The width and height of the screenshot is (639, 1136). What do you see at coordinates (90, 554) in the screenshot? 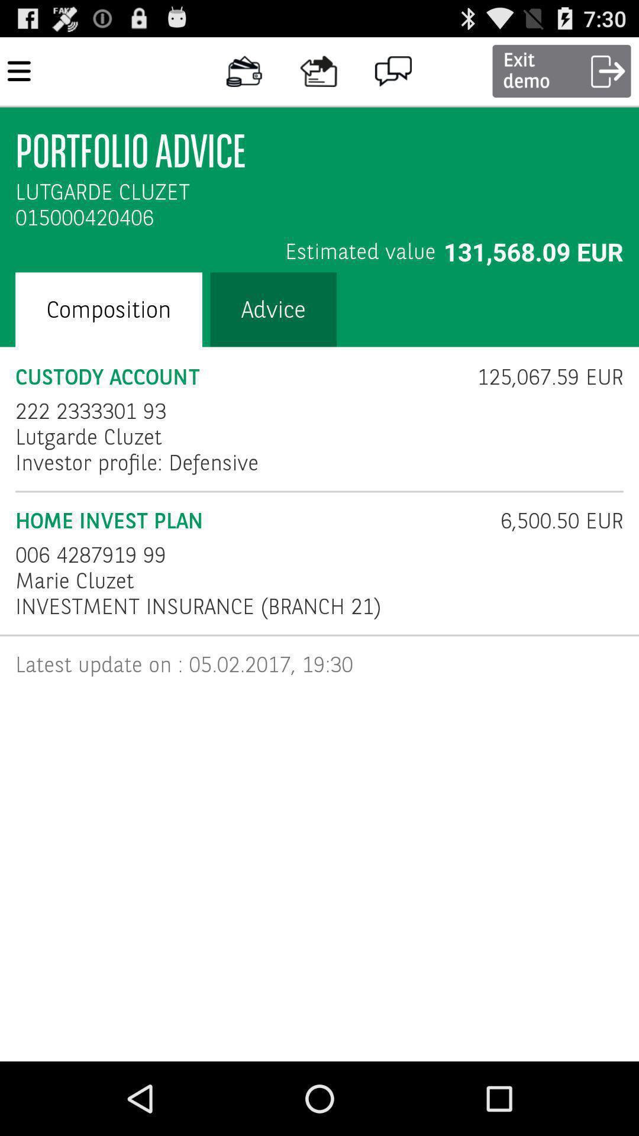
I see `item next to the 6 500 50` at bounding box center [90, 554].